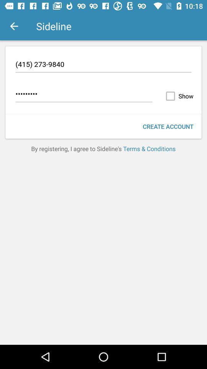 This screenshot has height=369, width=207. What do you see at coordinates (84, 95) in the screenshot?
I see `the icon below the (415) 273-9840` at bounding box center [84, 95].